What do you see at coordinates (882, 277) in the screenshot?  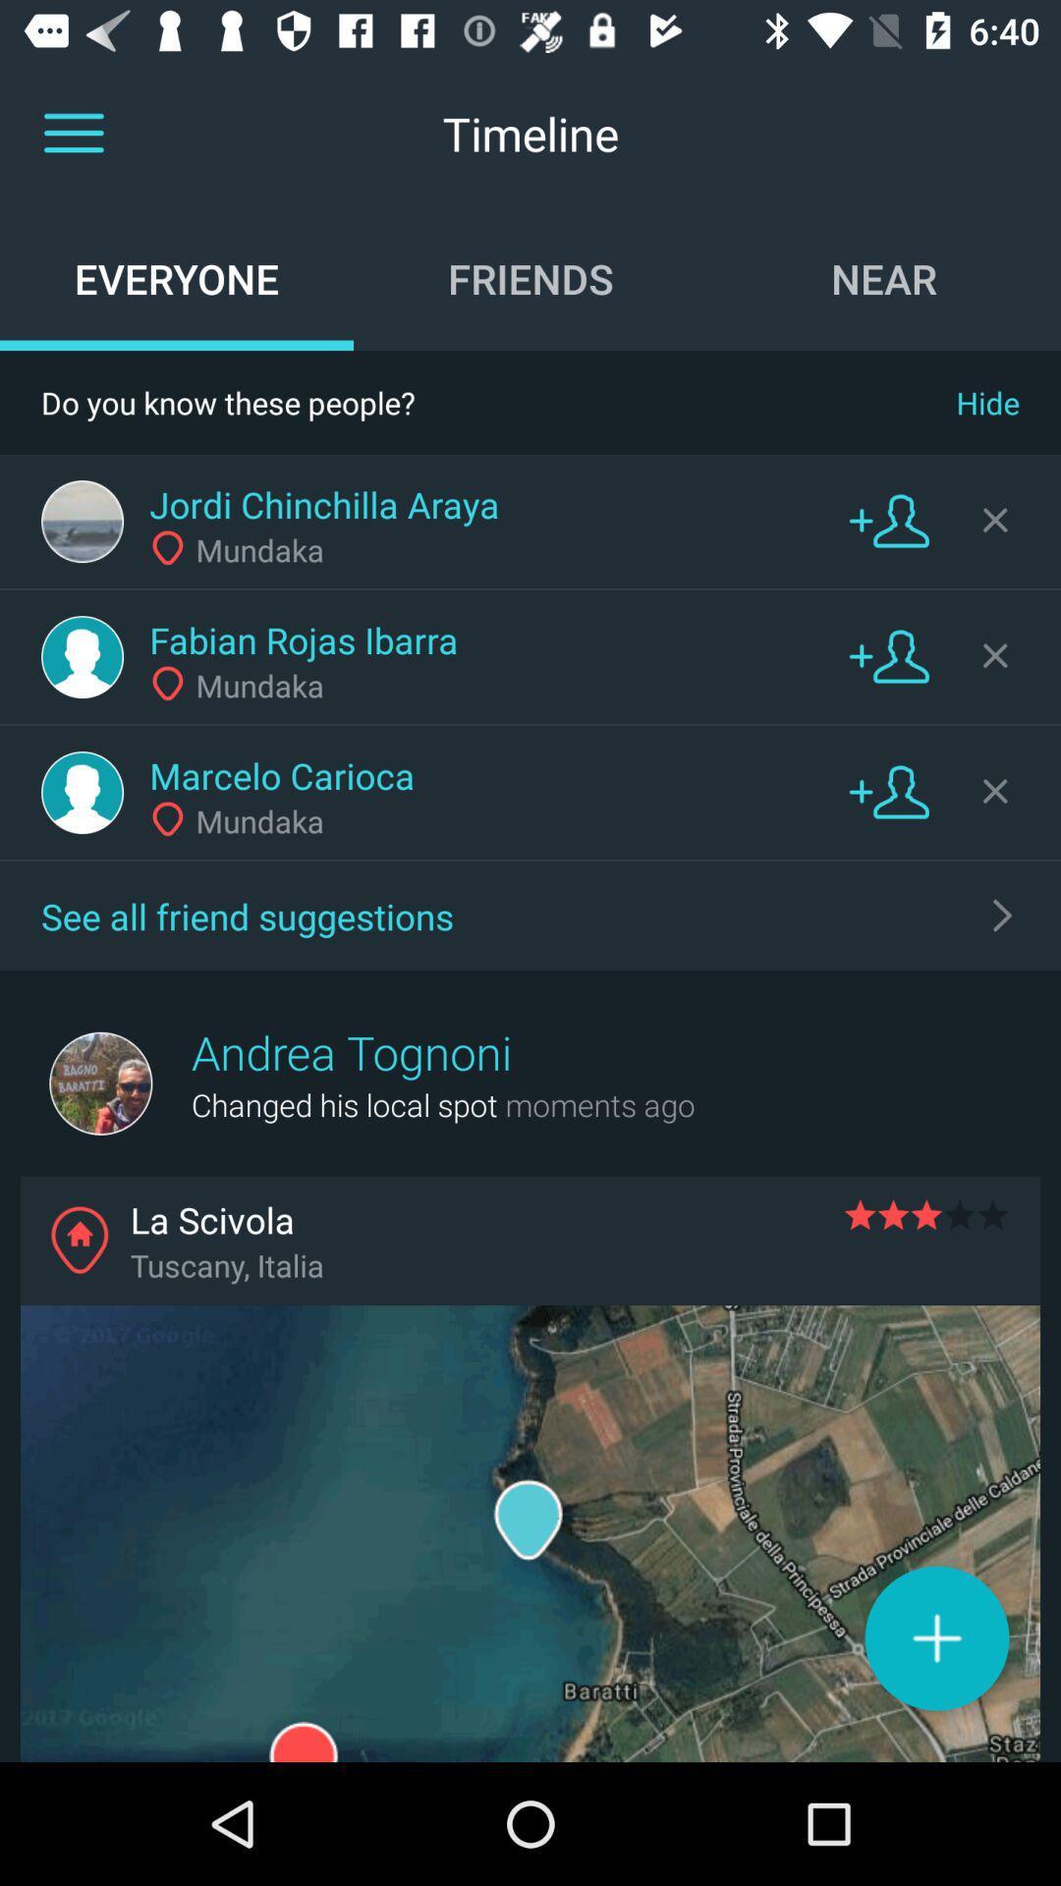 I see `the icon next to the friends item` at bounding box center [882, 277].